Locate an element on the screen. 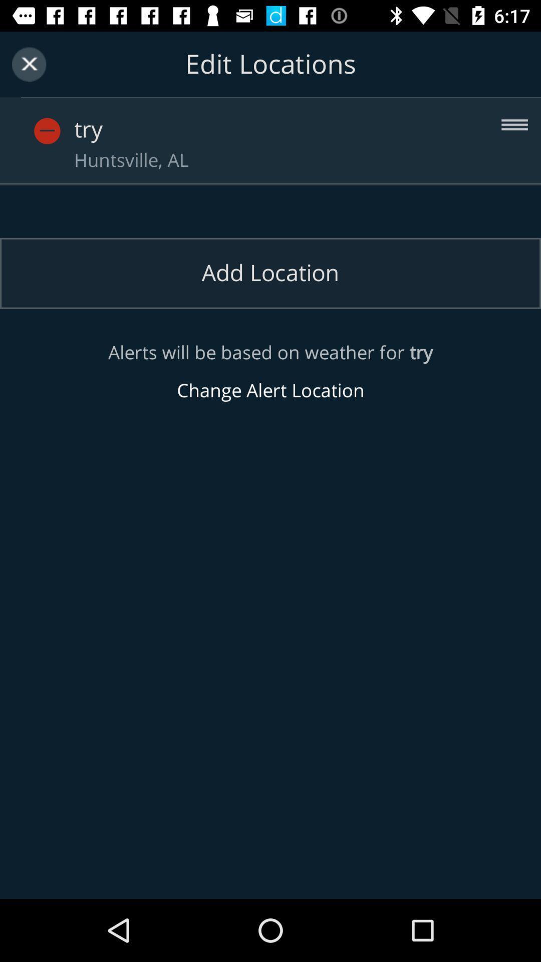 Image resolution: width=541 pixels, height=962 pixels. the alerts will be item is located at coordinates (270, 371).